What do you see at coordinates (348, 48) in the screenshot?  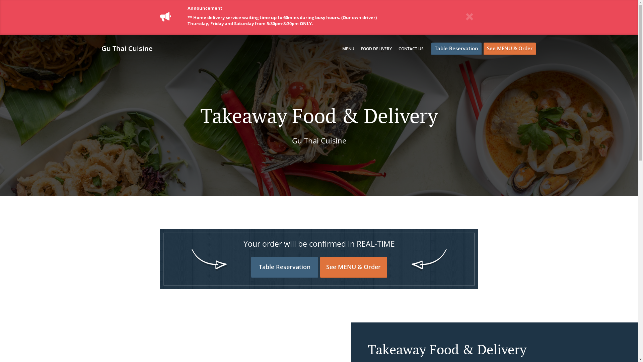 I see `'MENU'` at bounding box center [348, 48].